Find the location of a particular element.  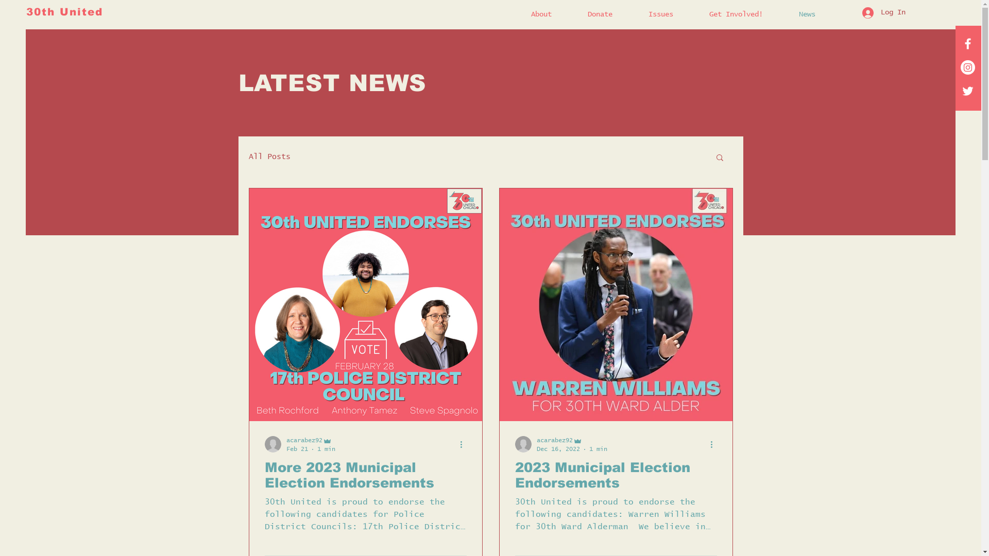

'All Posts' is located at coordinates (269, 157).